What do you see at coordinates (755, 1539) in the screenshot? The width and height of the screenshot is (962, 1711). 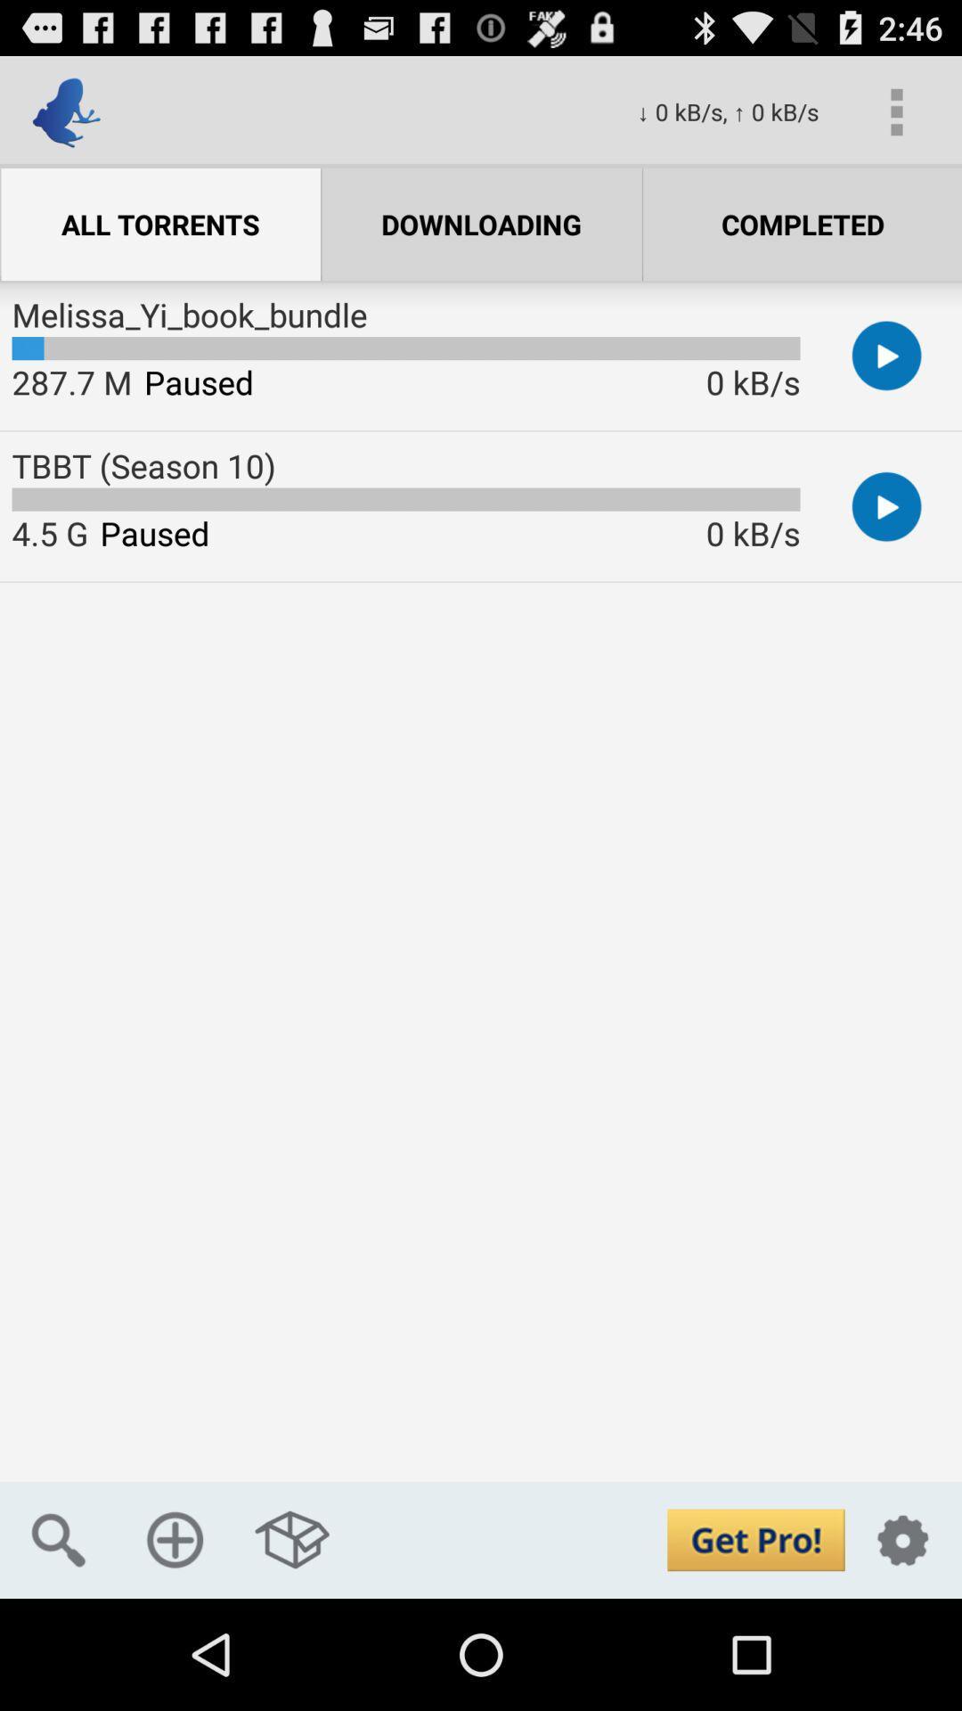 I see `get the pro version` at bounding box center [755, 1539].